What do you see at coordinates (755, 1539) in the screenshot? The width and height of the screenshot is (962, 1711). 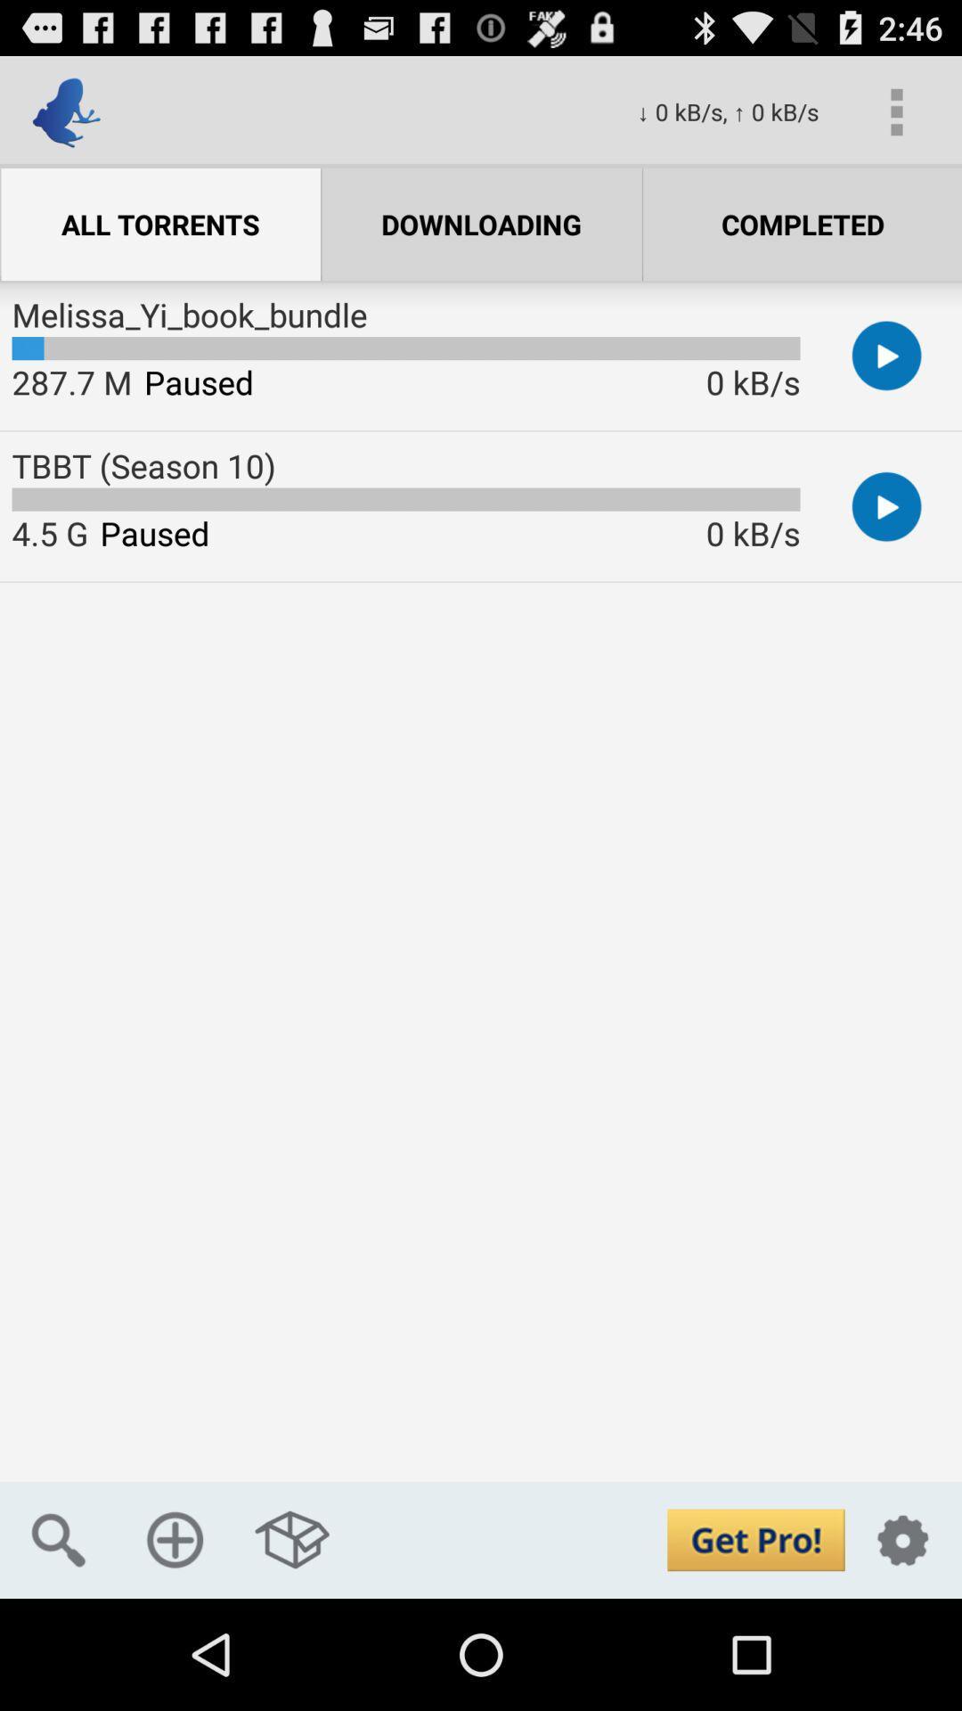 I see `get the pro version` at bounding box center [755, 1539].